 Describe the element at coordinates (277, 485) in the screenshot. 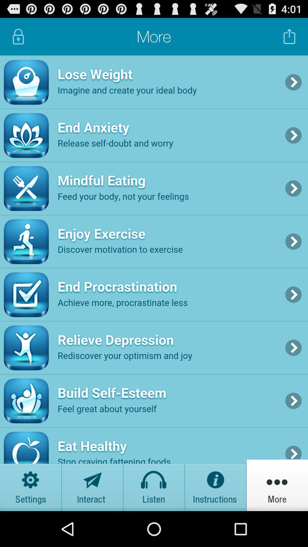

I see `more options` at that location.